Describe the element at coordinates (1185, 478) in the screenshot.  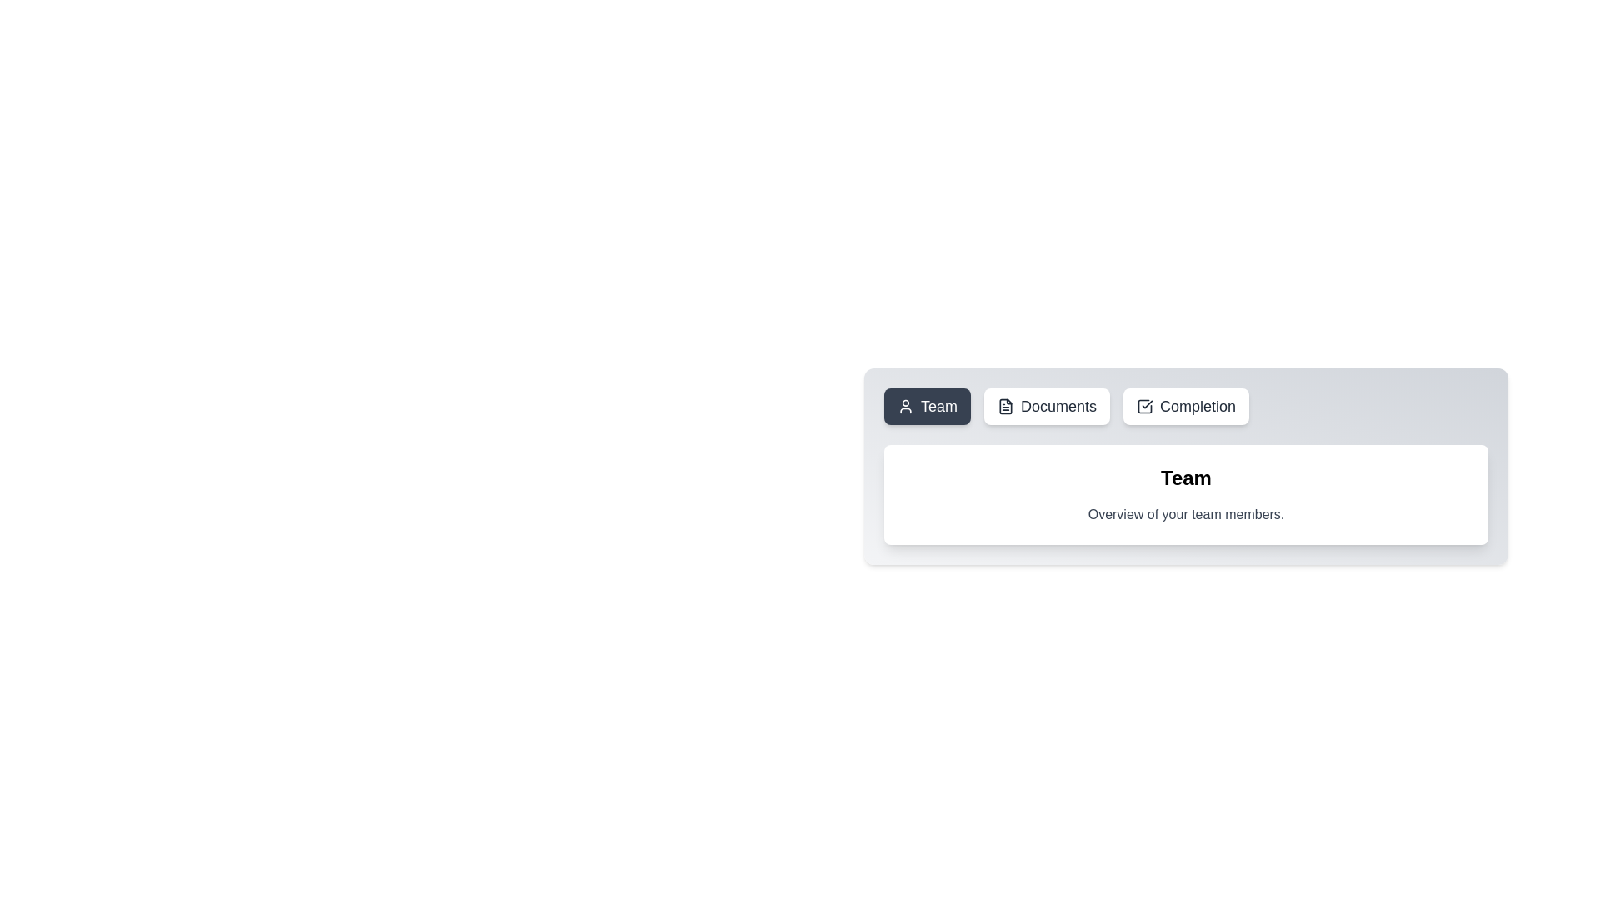
I see `bold heading text labeled 'Team' situated at the top of the central panel with a lighter gray background` at that location.